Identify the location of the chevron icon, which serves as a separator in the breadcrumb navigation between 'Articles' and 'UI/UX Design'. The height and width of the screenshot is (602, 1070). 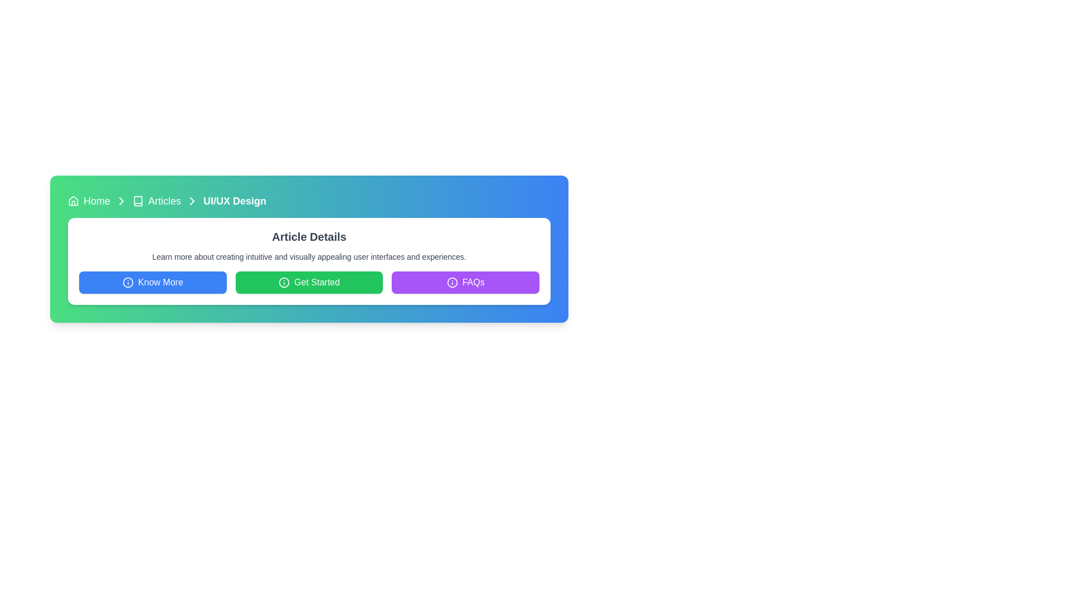
(192, 201).